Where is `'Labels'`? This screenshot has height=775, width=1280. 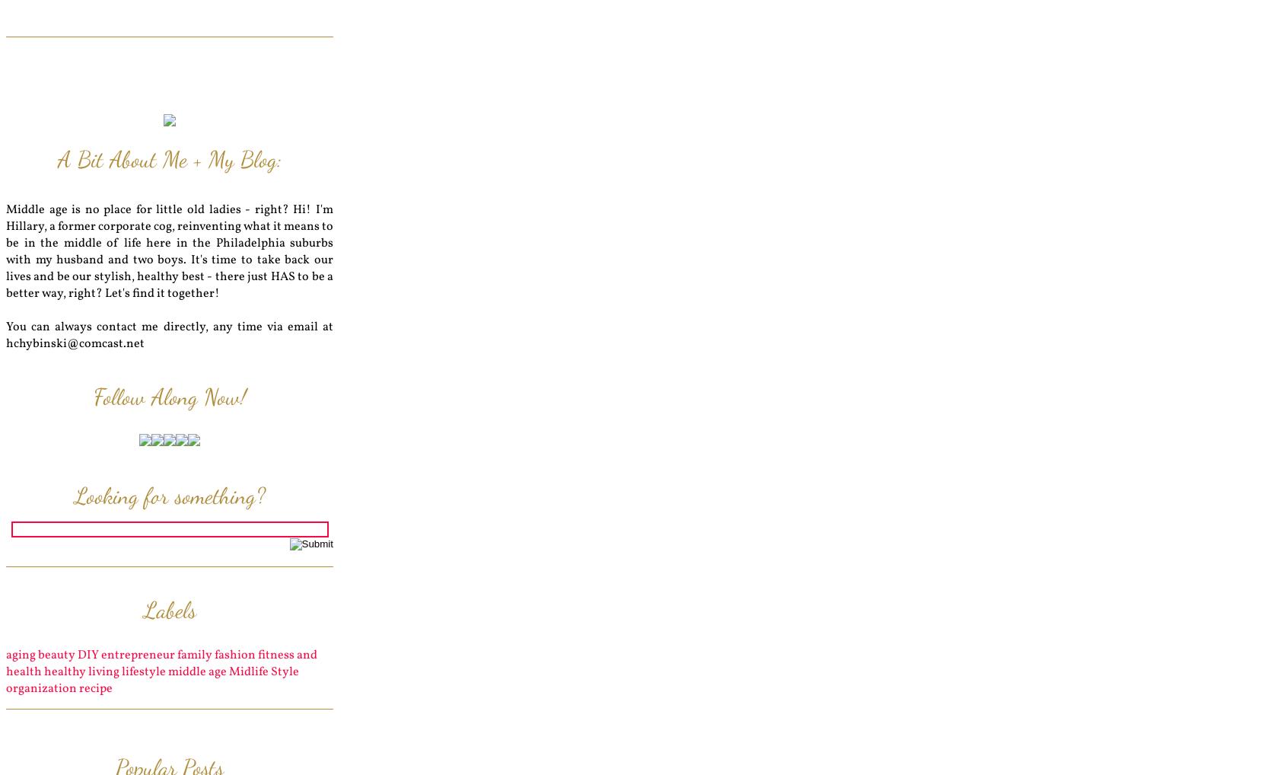
'Labels' is located at coordinates (168, 609).